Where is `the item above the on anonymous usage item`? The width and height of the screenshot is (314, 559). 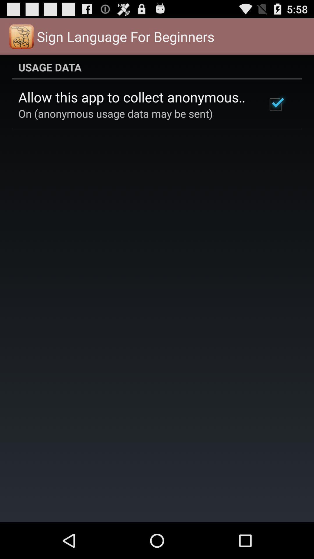 the item above the on anonymous usage item is located at coordinates (135, 97).